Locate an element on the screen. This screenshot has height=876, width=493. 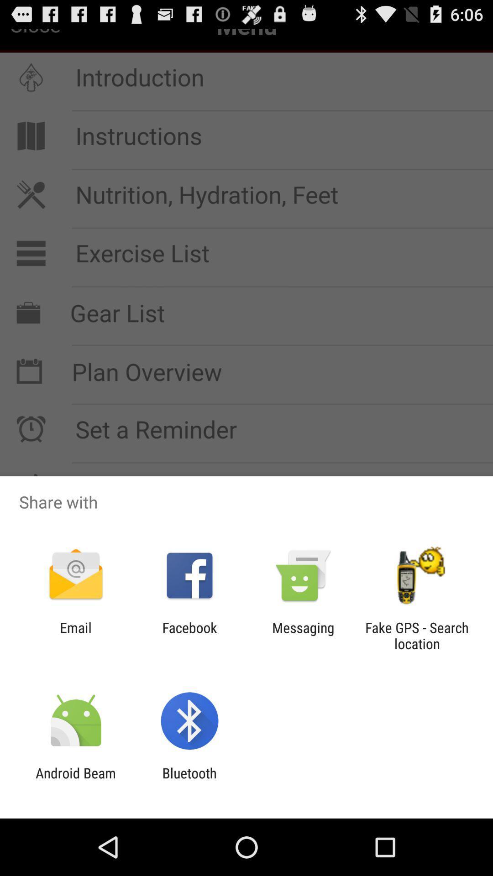
the android beam app is located at coordinates (75, 781).